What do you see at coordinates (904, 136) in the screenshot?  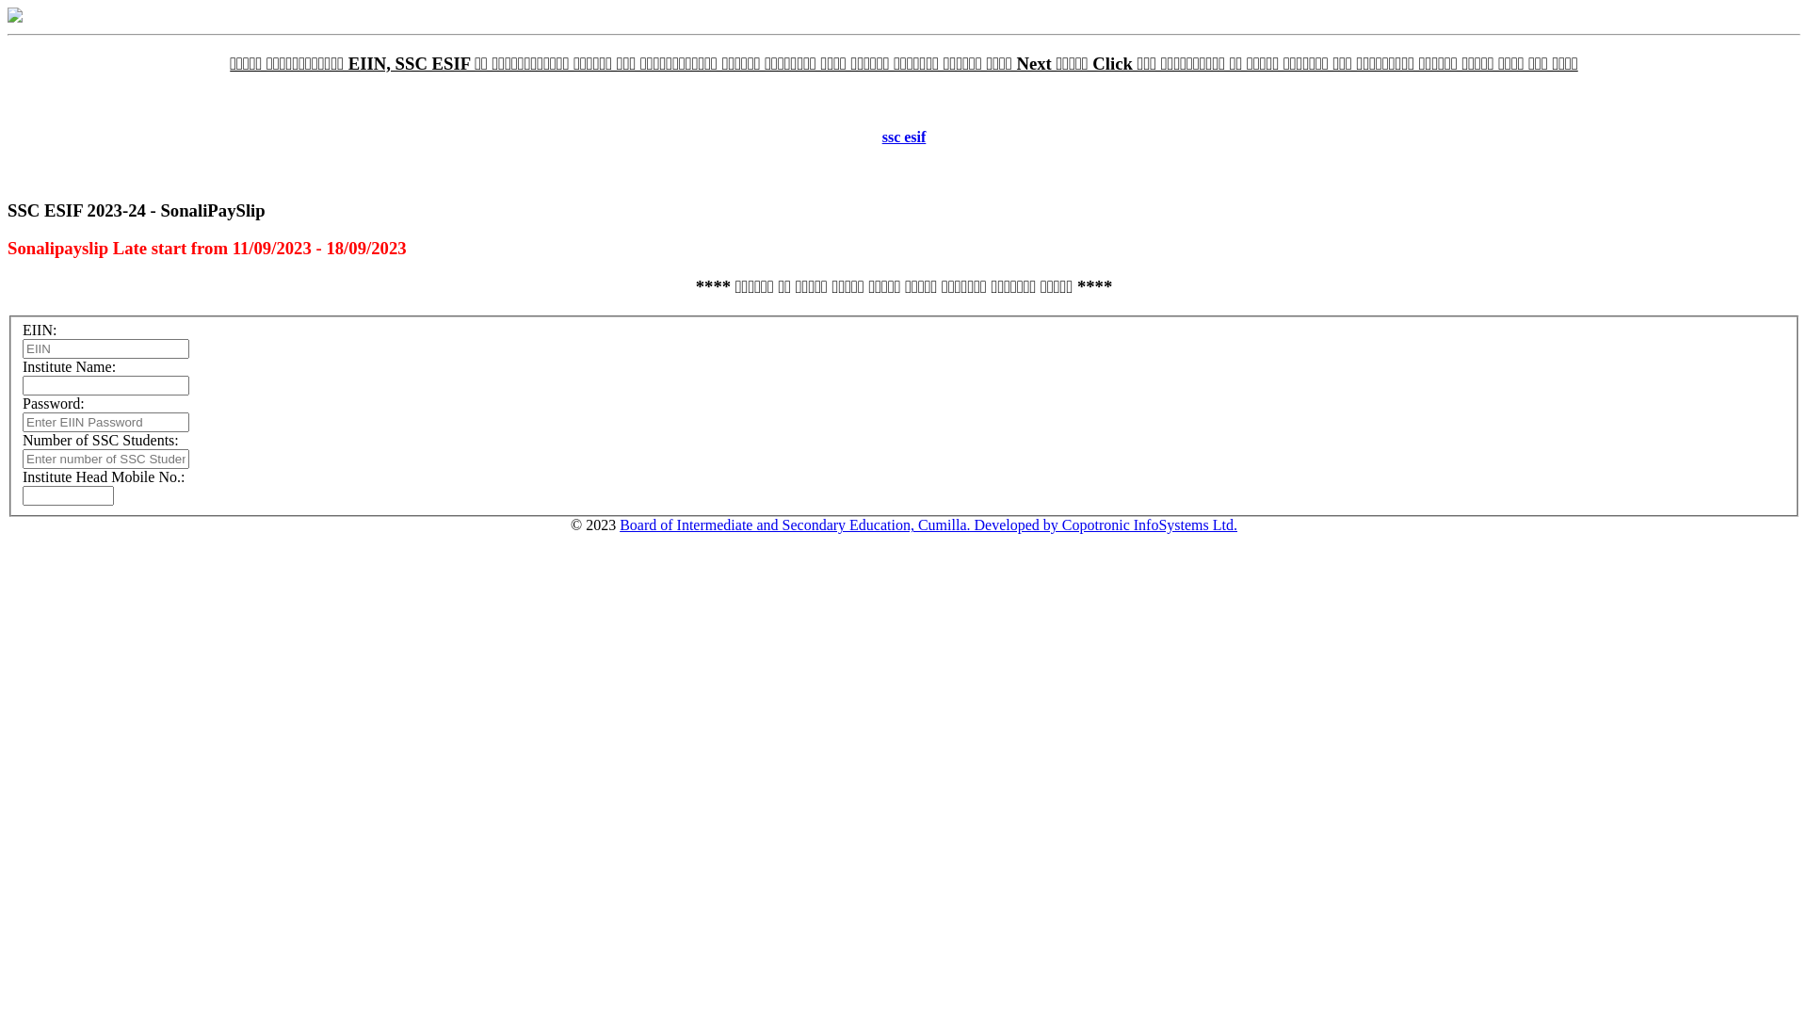 I see `'ssc esif'` at bounding box center [904, 136].